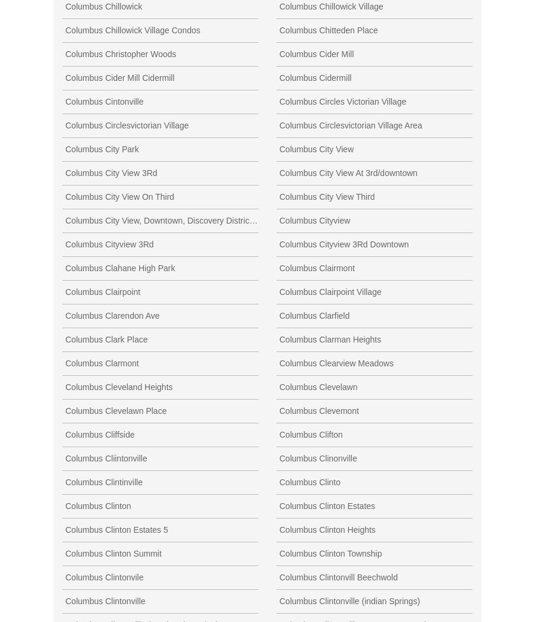 The height and width of the screenshot is (622, 535). I want to click on 'Columbus City View On Third', so click(119, 196).